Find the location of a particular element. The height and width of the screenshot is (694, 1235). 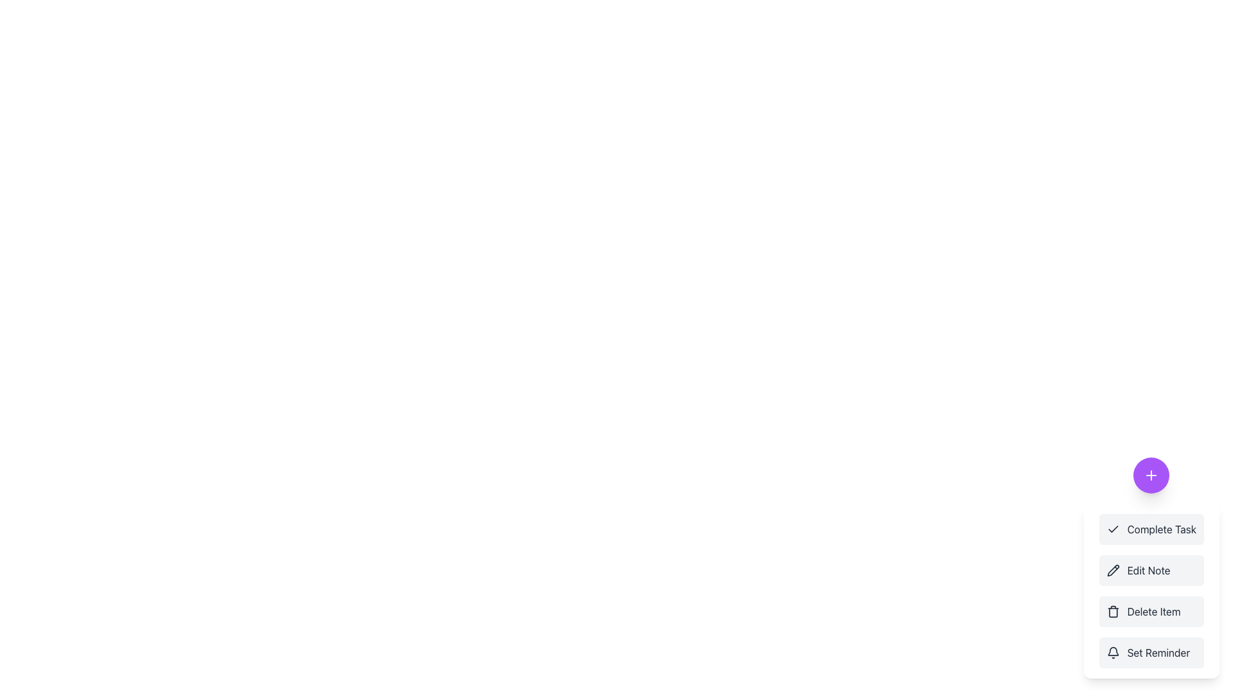

the 'Edit Note' button, which is a rectangular button with rounded corners, featuring a light gray background and a pencil icon followed by the text 'Edit Note'. It is the second button in a vertical list, located below the 'Complete Task' button and above the 'Delete Item' button is located at coordinates (1151, 569).